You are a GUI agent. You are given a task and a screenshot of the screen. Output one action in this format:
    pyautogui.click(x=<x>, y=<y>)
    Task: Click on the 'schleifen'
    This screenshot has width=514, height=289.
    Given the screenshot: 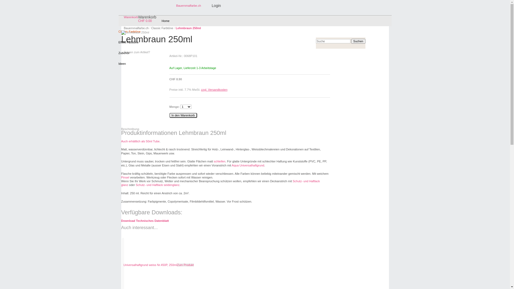 What is the action you would take?
    pyautogui.click(x=220, y=161)
    